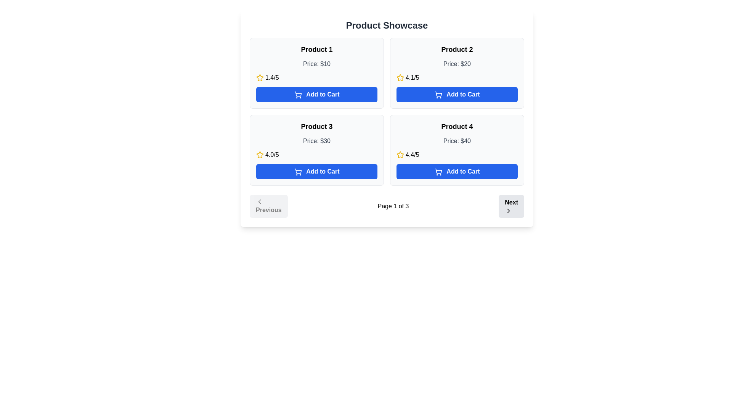 The height and width of the screenshot is (412, 732). Describe the element at coordinates (316, 150) in the screenshot. I see `the product card located in the second row and first column of the grid to view product details` at that location.